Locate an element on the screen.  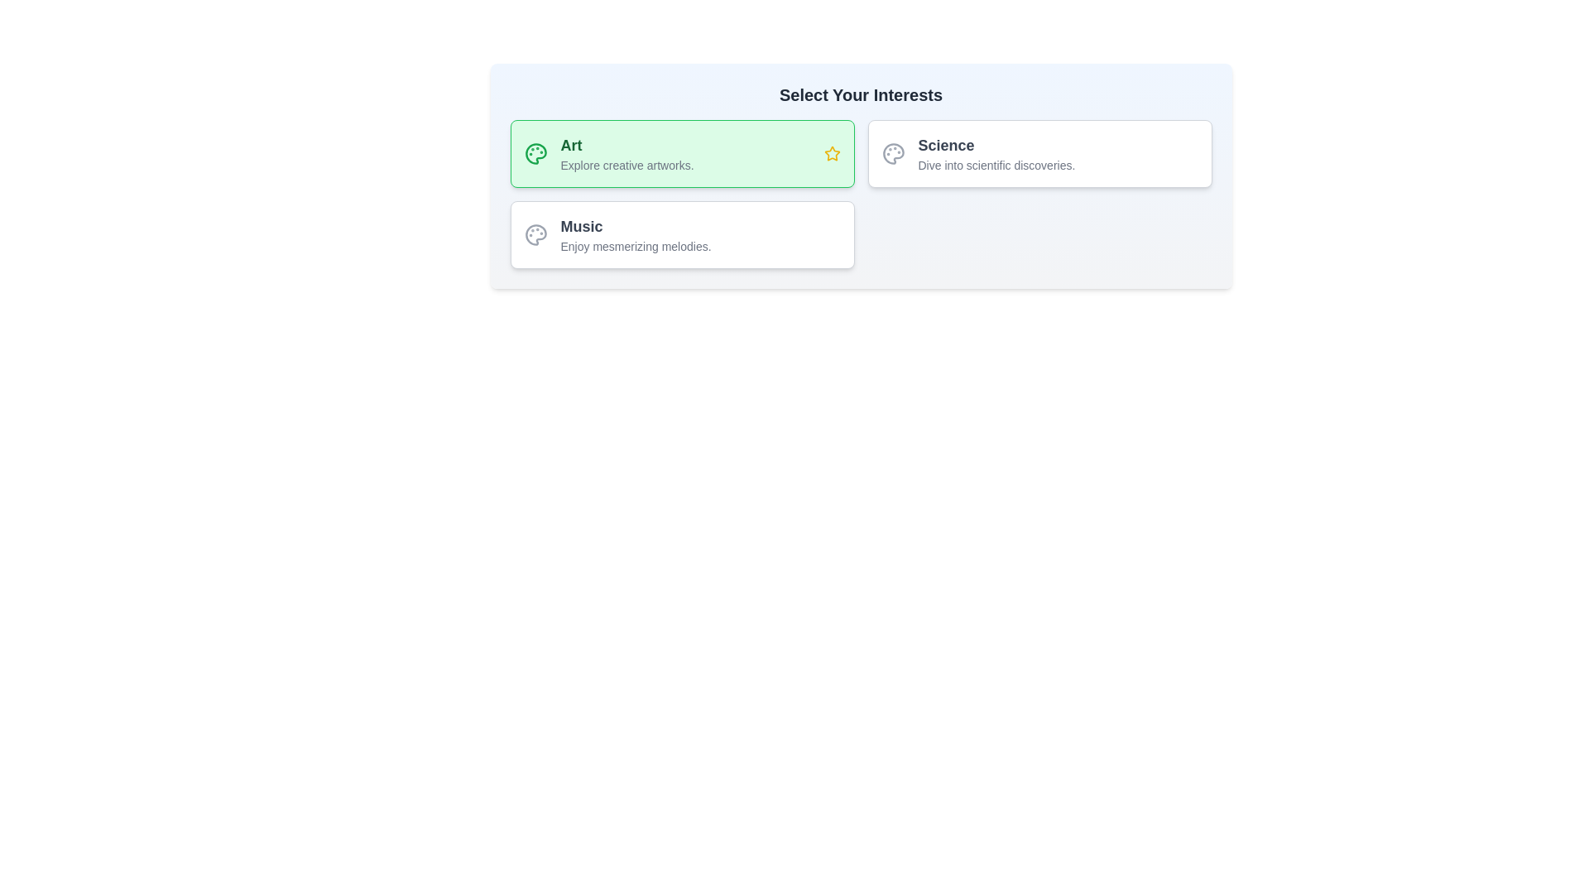
the category button labeled 'Science' to observe the hover effect is located at coordinates (1039, 153).